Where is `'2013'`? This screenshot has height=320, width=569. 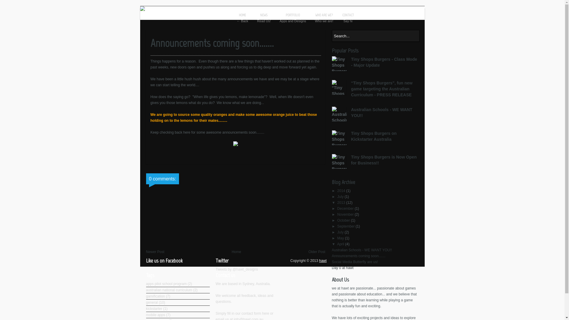 '2013' is located at coordinates (341, 202).